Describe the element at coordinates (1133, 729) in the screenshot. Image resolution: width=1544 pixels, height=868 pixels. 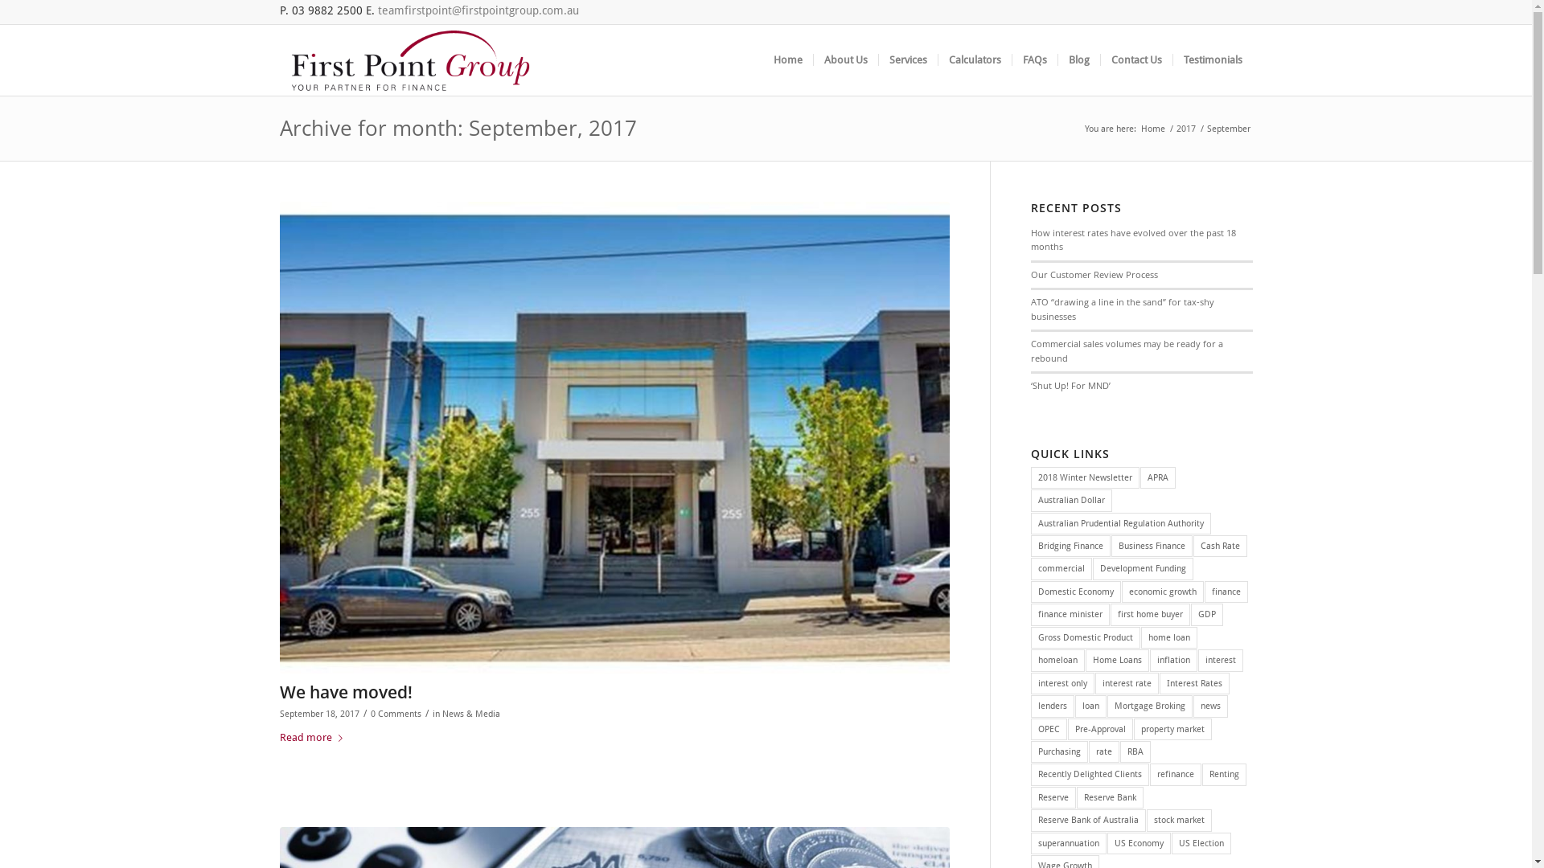
I see `'property market'` at that location.